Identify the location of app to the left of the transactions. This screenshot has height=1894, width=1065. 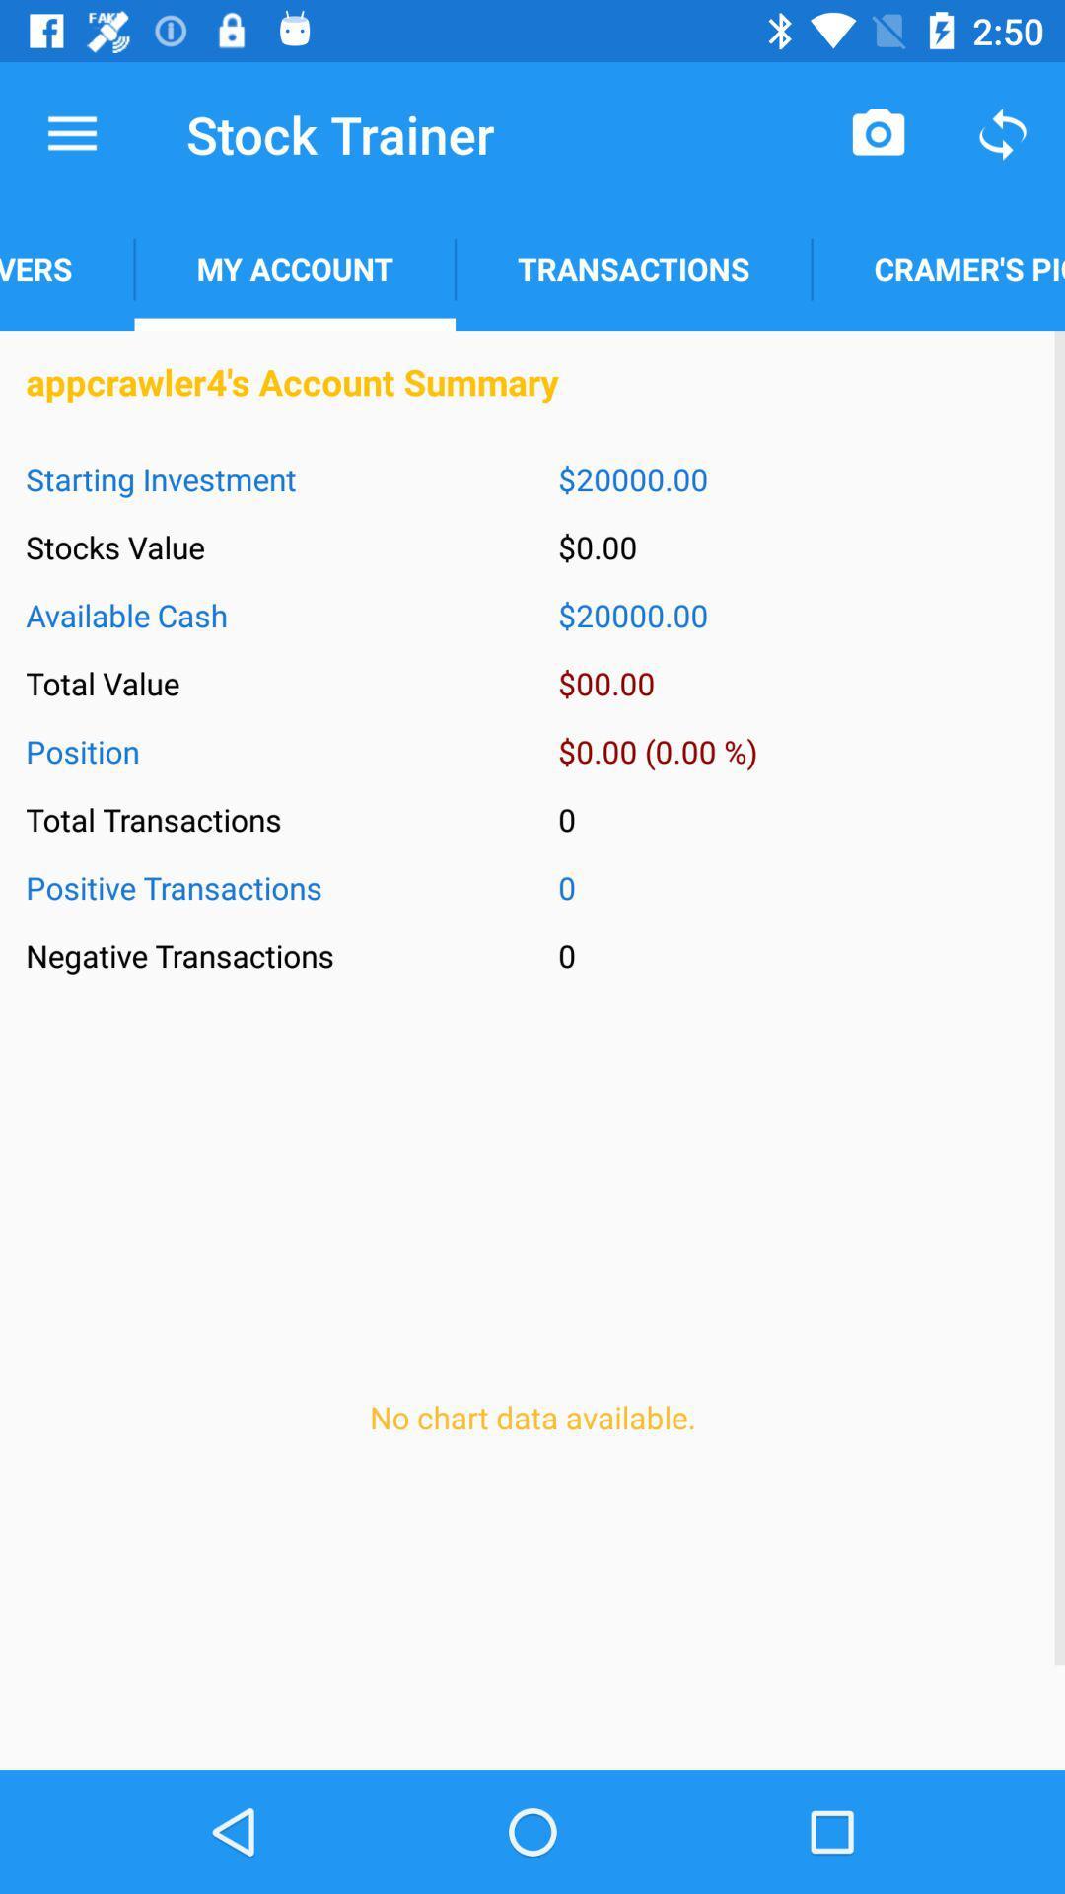
(295, 268).